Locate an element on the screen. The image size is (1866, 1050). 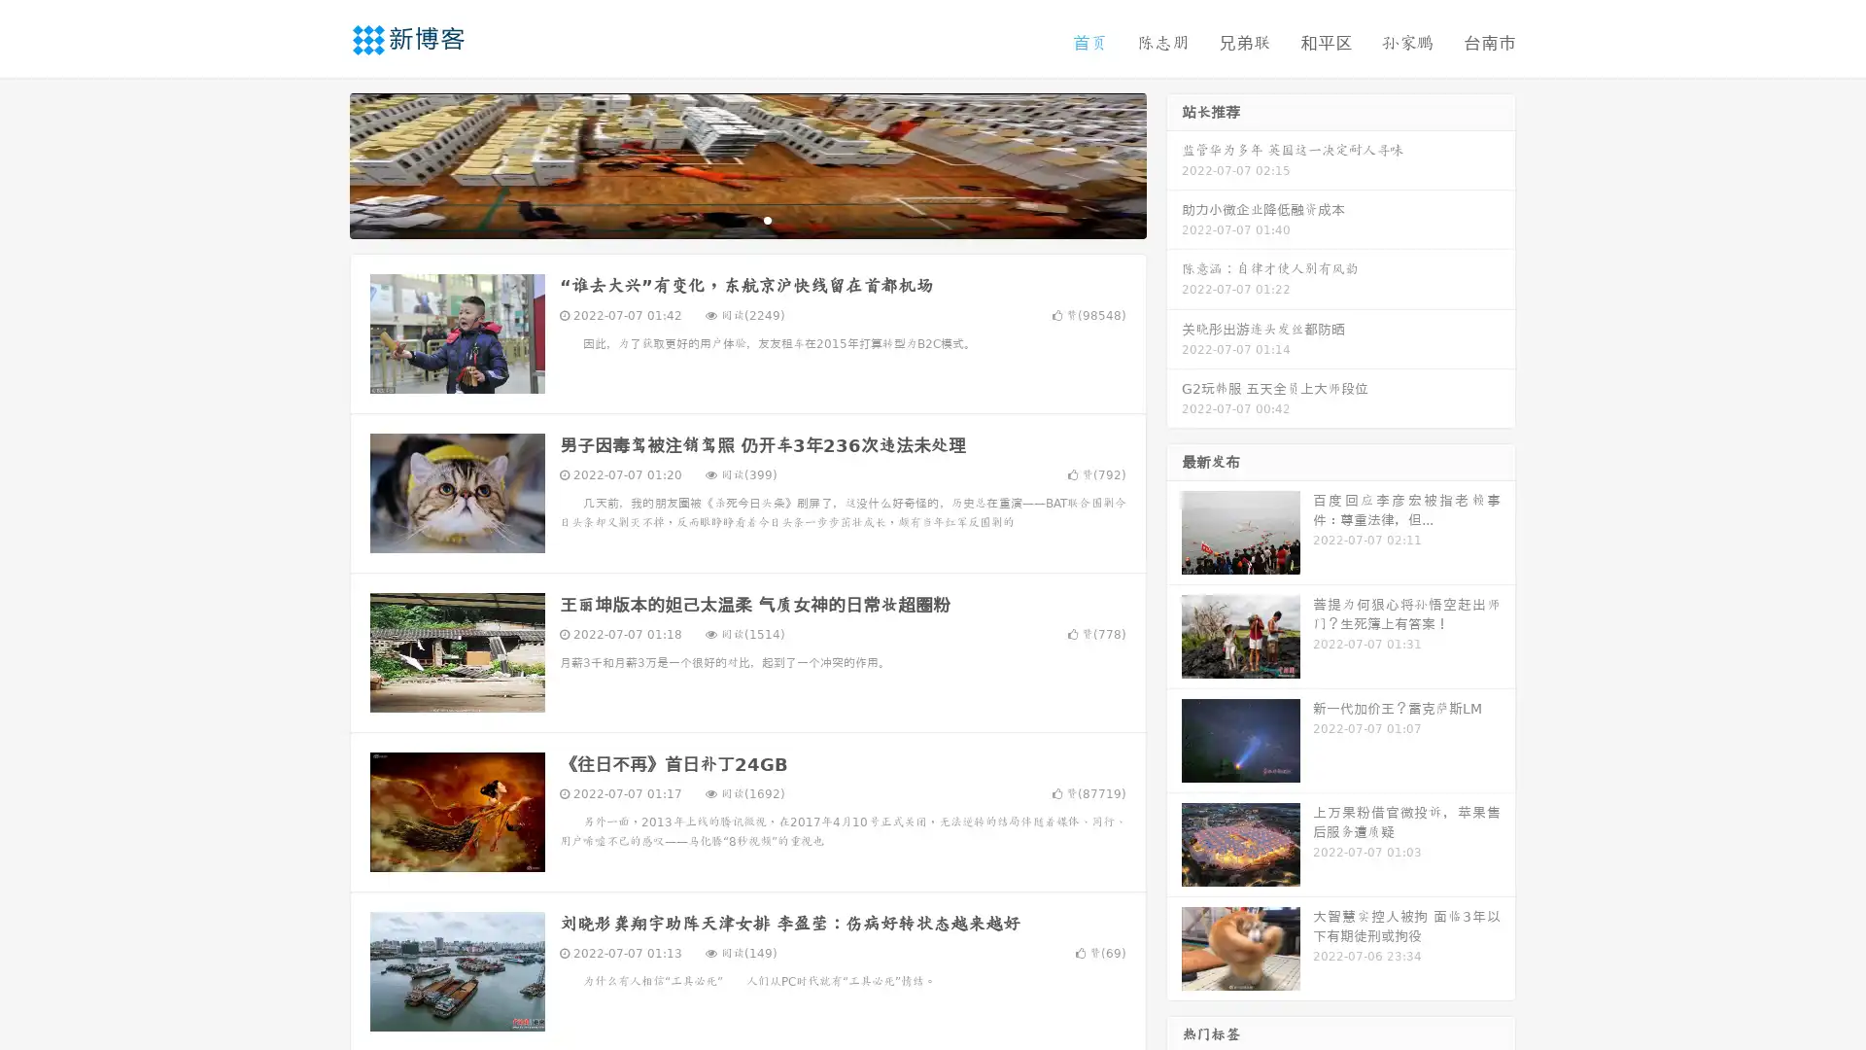
Next slide is located at coordinates (1174, 163).